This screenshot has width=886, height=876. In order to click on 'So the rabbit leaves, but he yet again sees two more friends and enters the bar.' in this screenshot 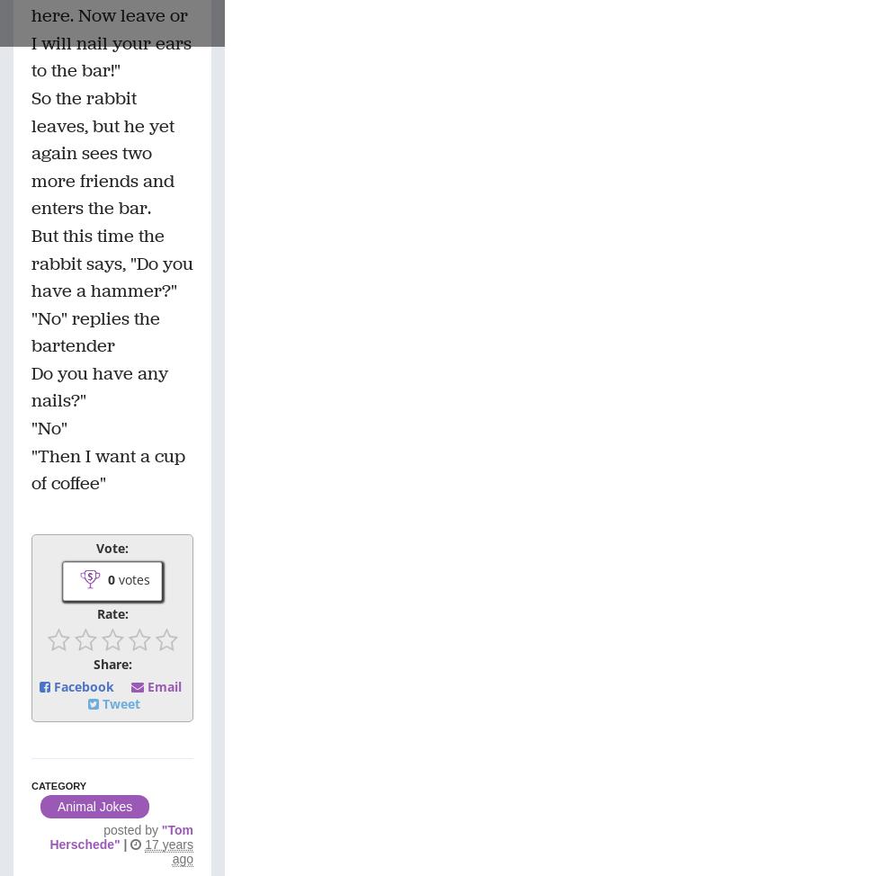, I will do `click(103, 152)`.